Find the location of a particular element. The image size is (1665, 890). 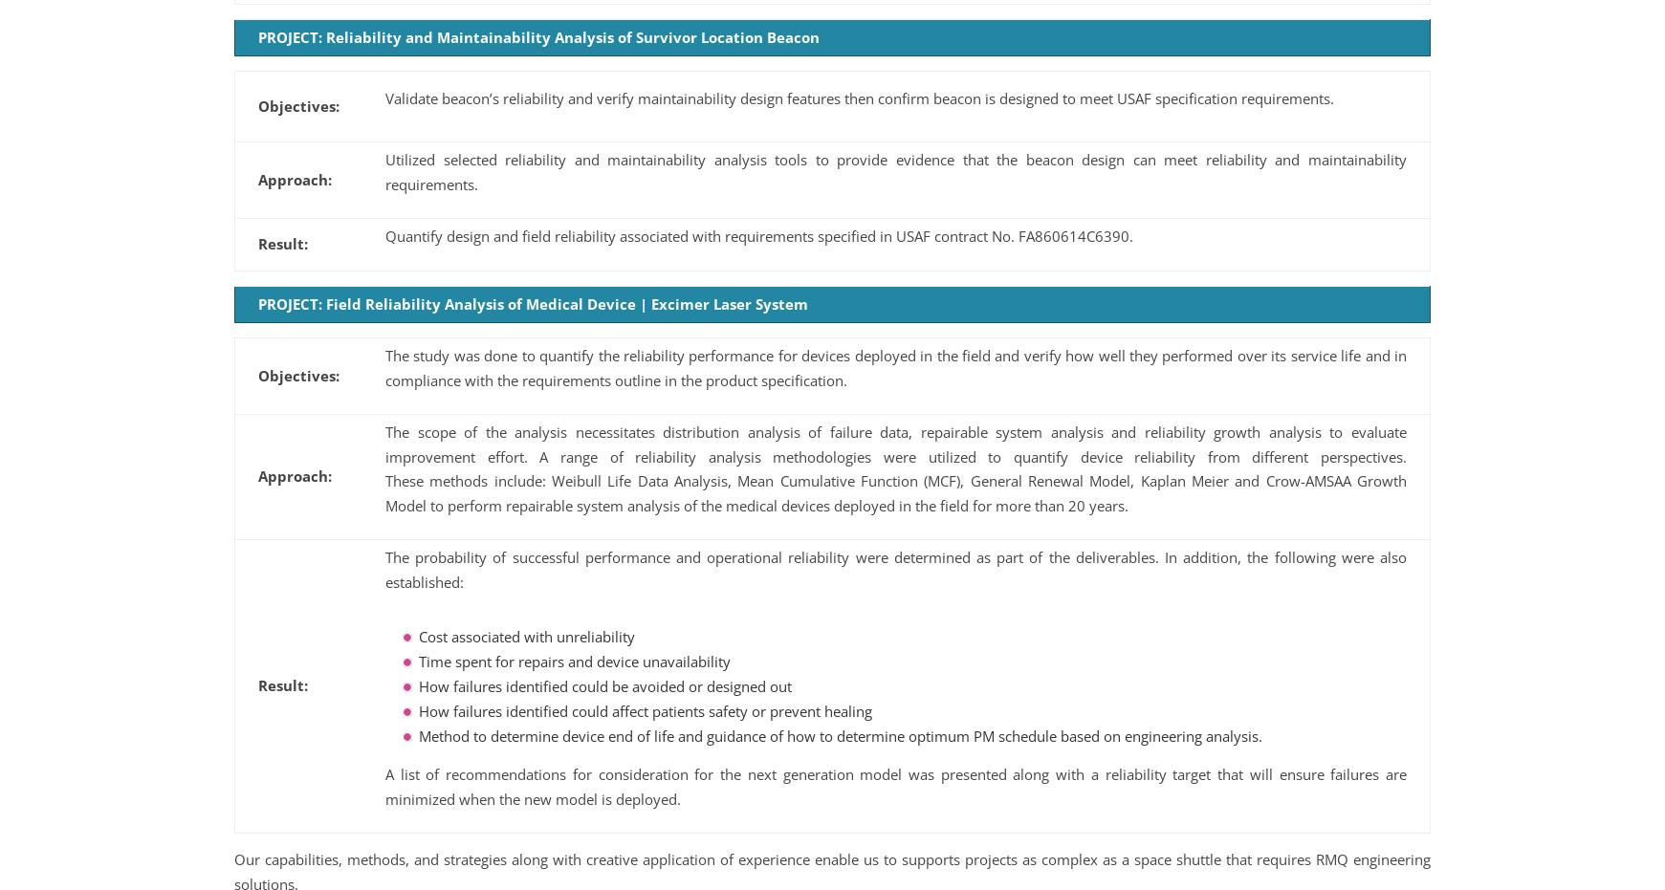

'Quantify design and field reliability associated with requirements specified in USAF contract No. FA860614C6390.' is located at coordinates (758, 235).